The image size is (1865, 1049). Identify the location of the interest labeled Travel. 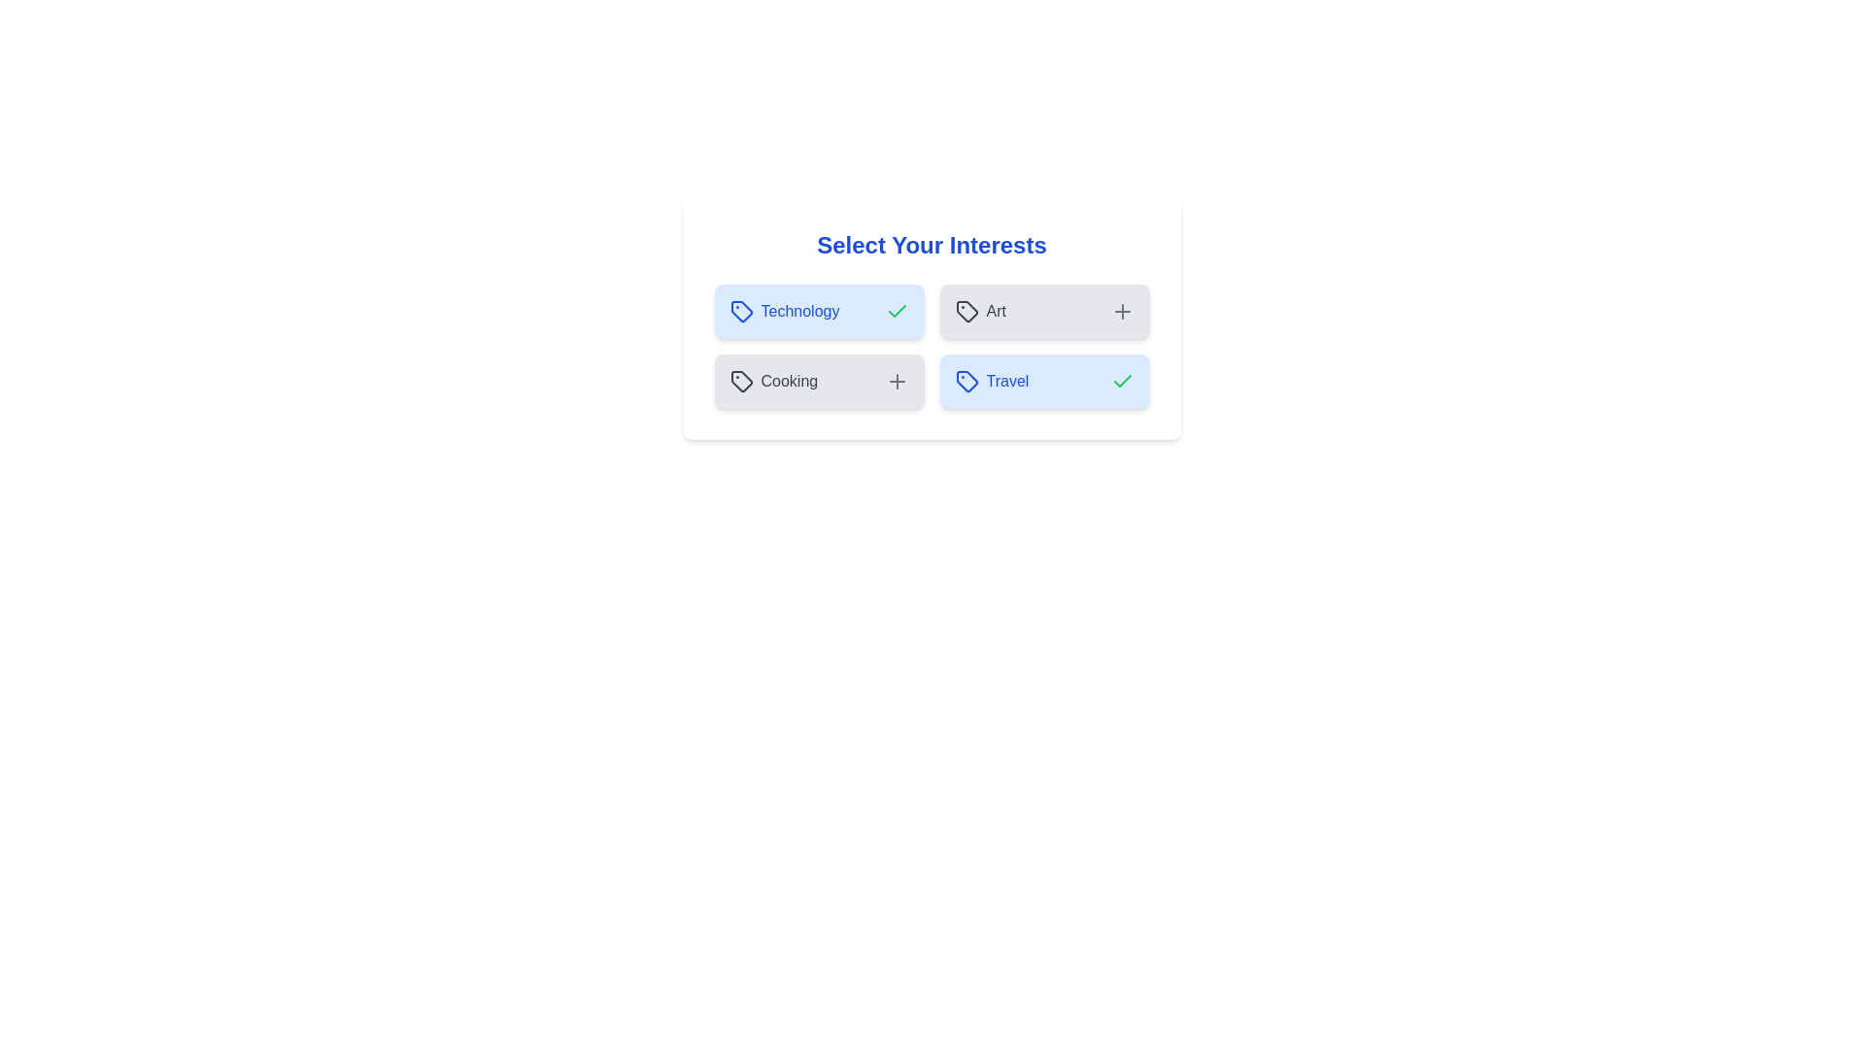
(1043, 382).